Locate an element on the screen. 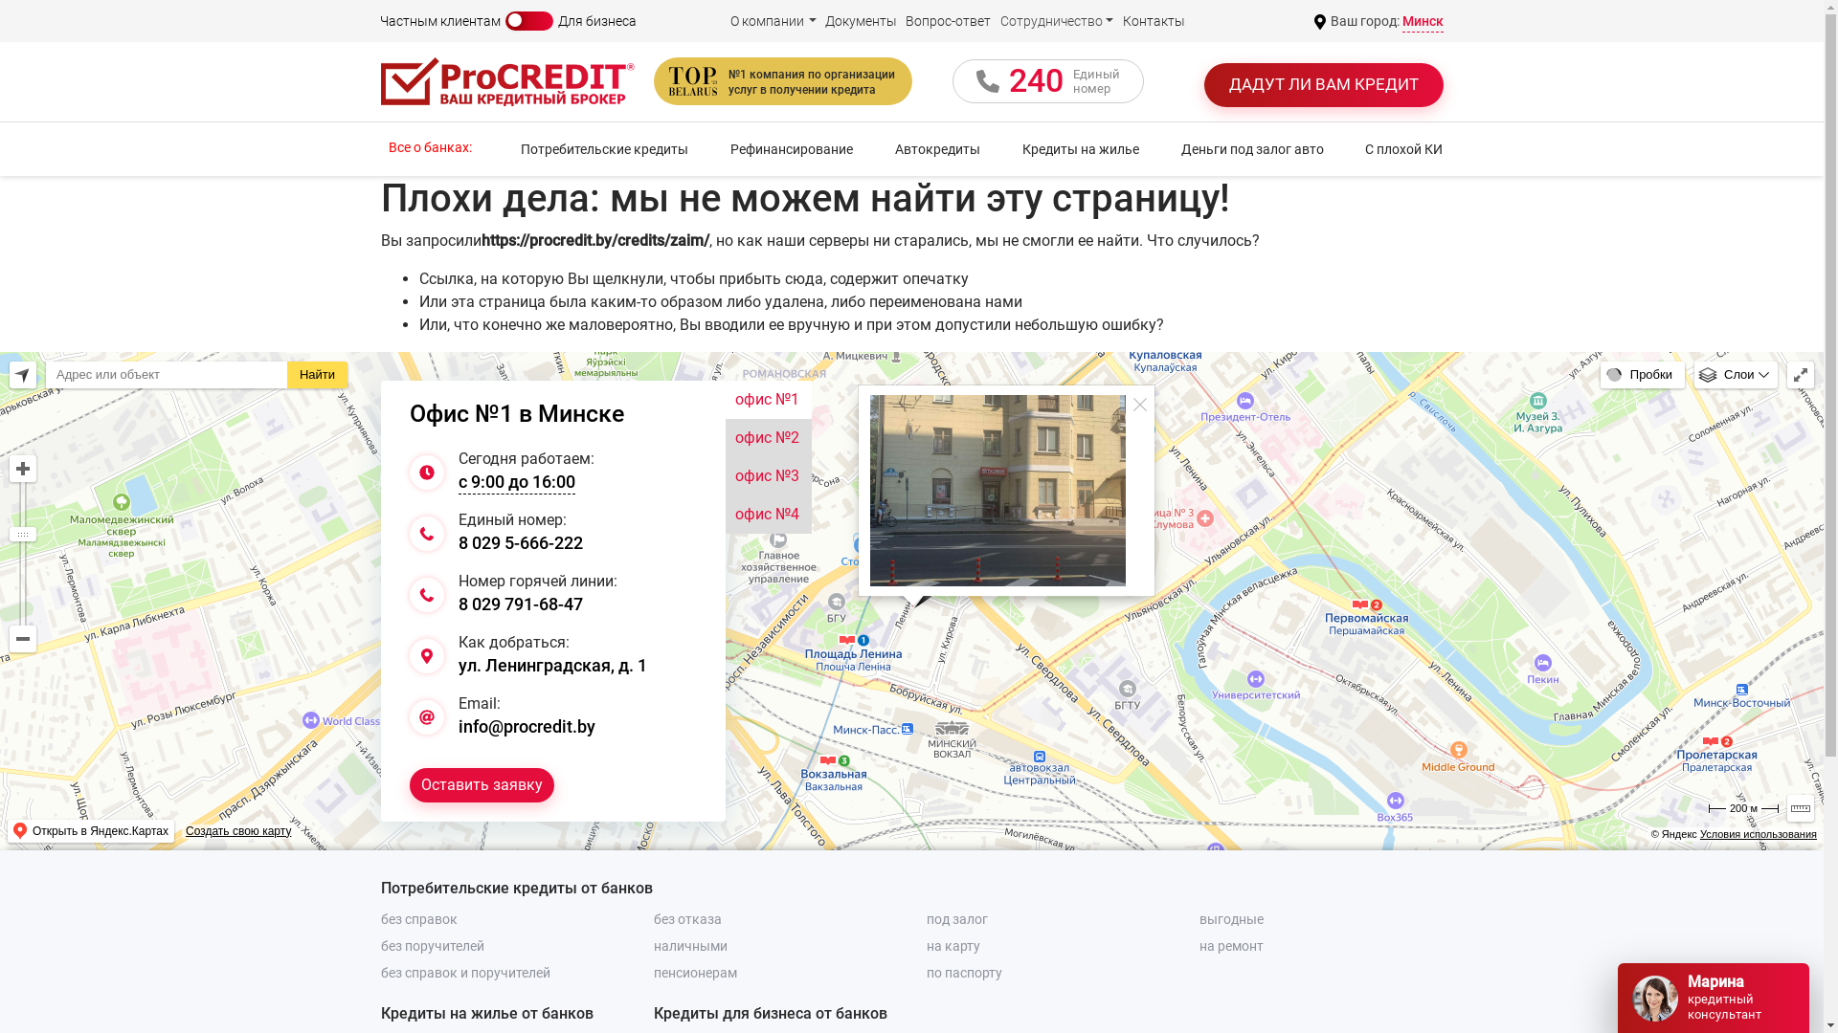 The width and height of the screenshot is (1838, 1033). '8 029 791-68-47' is located at coordinates (457, 603).